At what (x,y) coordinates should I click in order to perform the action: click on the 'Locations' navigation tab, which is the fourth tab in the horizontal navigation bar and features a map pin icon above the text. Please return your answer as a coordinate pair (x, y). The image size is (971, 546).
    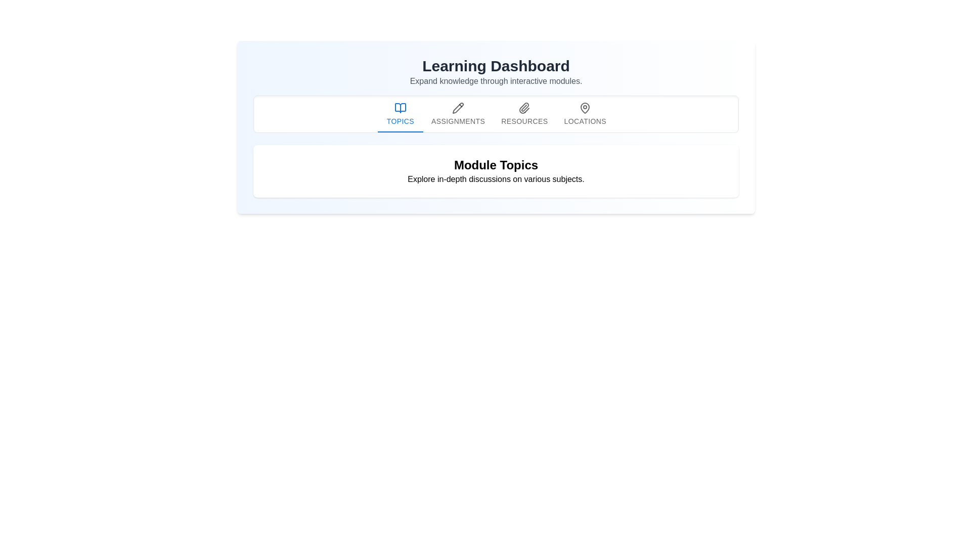
    Looking at the image, I should click on (585, 114).